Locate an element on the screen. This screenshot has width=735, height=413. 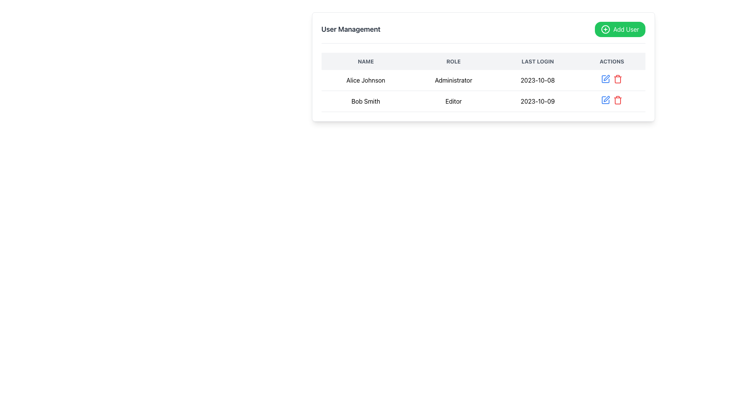
the circular component at the center of the 'plus' icon within the action button on the top-right corner of the user management panel is located at coordinates (605, 29).